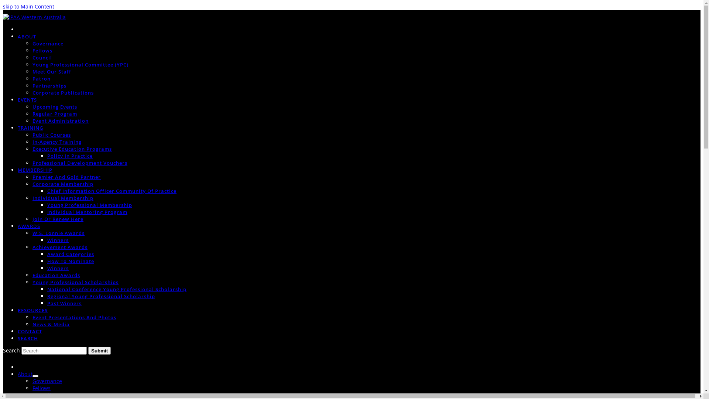 This screenshot has height=399, width=709. Describe the element at coordinates (28, 6) in the screenshot. I see `'skip to Main Content'` at that location.